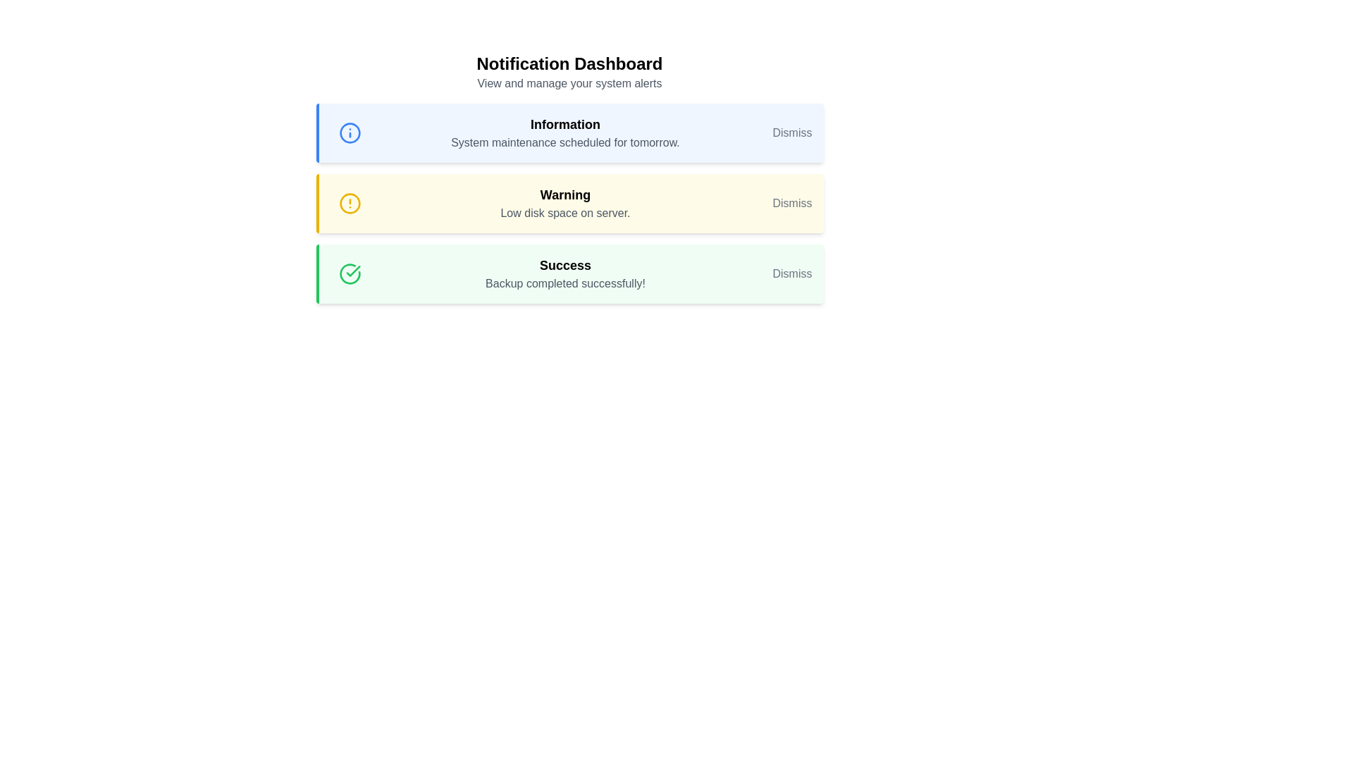  I want to click on the 'Dismiss' link styled button located at the top-right corner of the 'Information' notification card to change its text color, so click(792, 133).